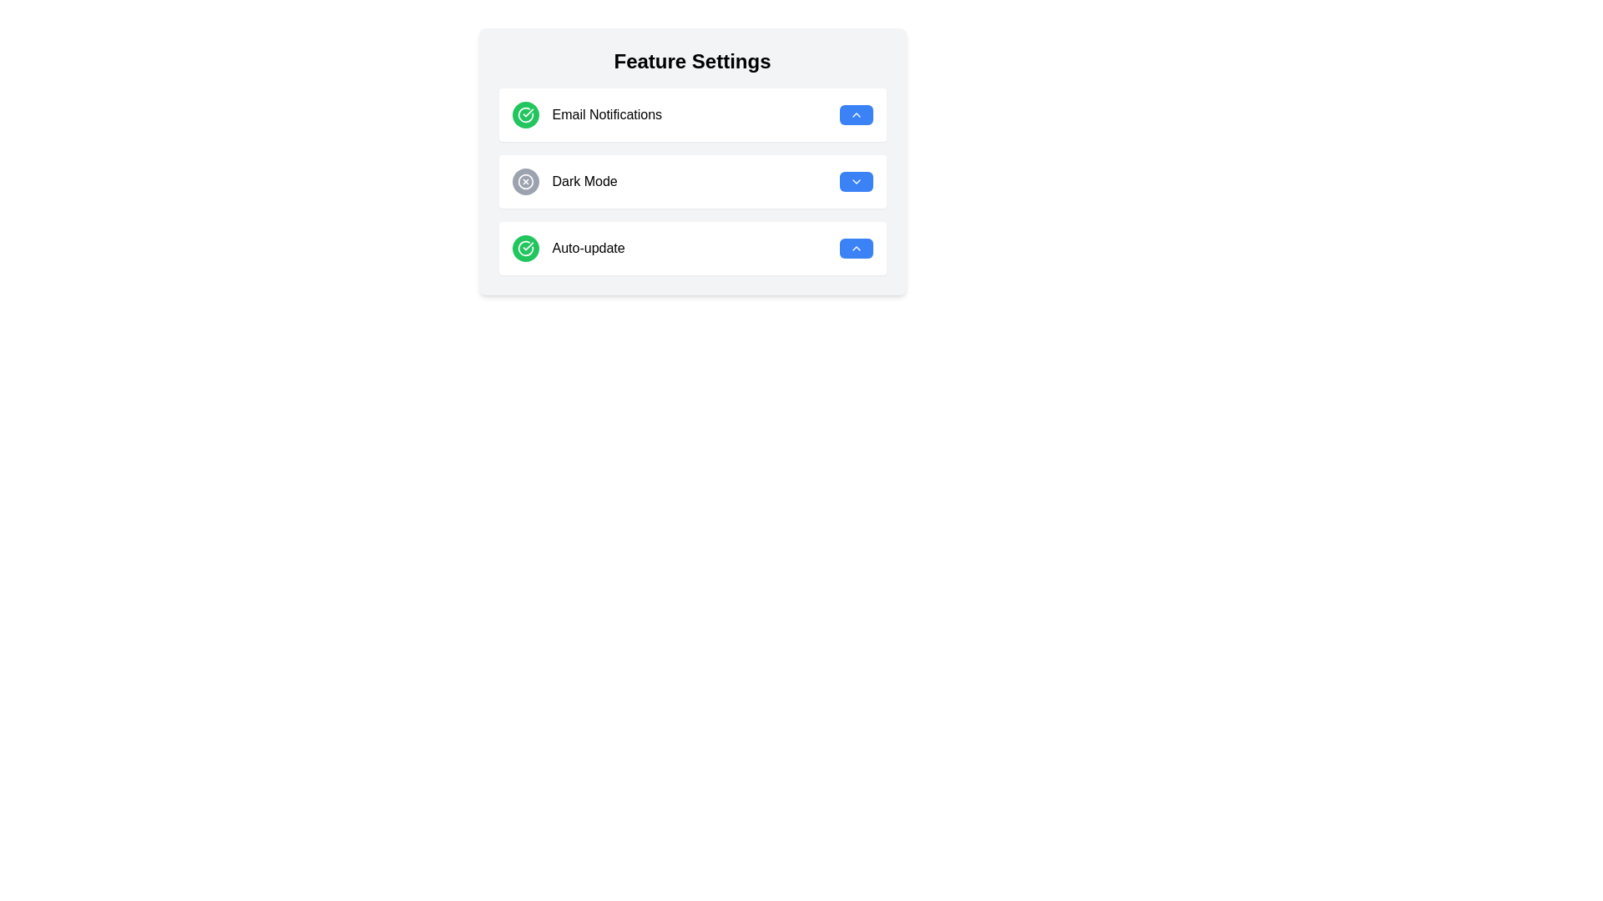  I want to click on the 'Dark Mode' text label, which indicates a feature option in the settings card, located in the second row of the vertical list between 'Email Notifications' and 'Auto-update', so click(564, 182).